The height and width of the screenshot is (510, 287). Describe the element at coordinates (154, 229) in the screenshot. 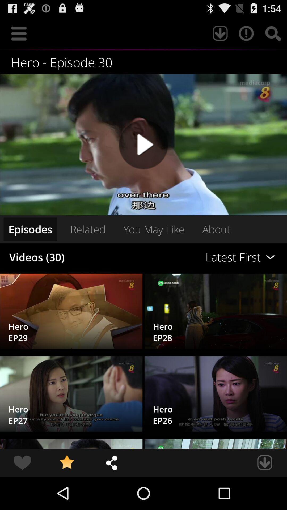

I see `the icon at the center` at that location.